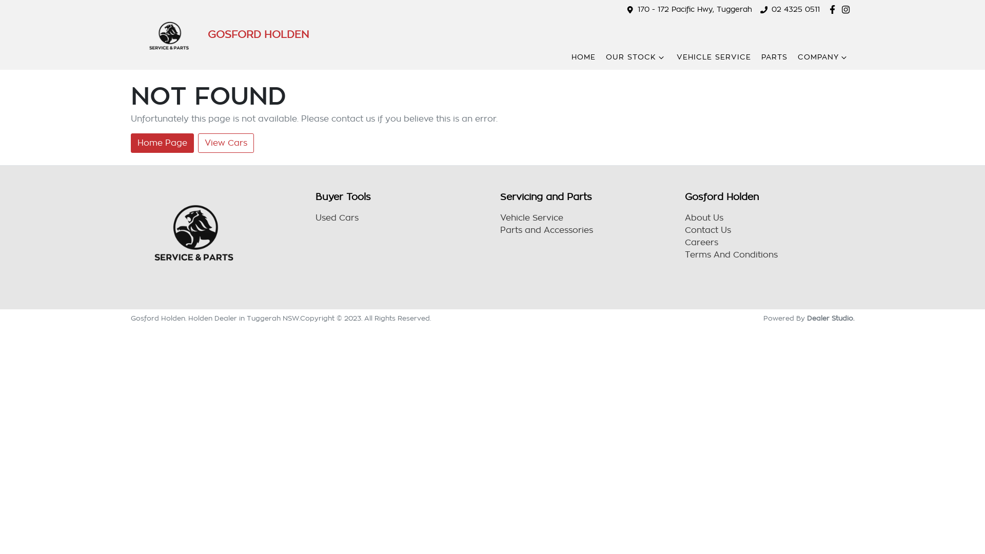 Image resolution: width=985 pixels, height=554 pixels. I want to click on 'Contact Us', so click(707, 229).